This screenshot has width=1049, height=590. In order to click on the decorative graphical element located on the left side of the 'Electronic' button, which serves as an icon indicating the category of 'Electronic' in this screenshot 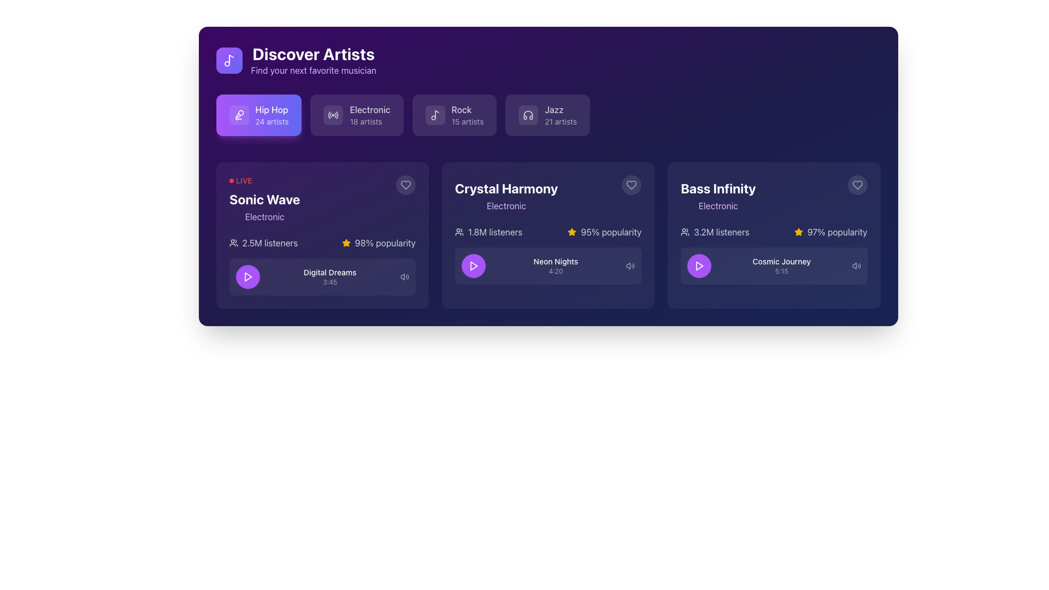, I will do `click(333, 115)`.